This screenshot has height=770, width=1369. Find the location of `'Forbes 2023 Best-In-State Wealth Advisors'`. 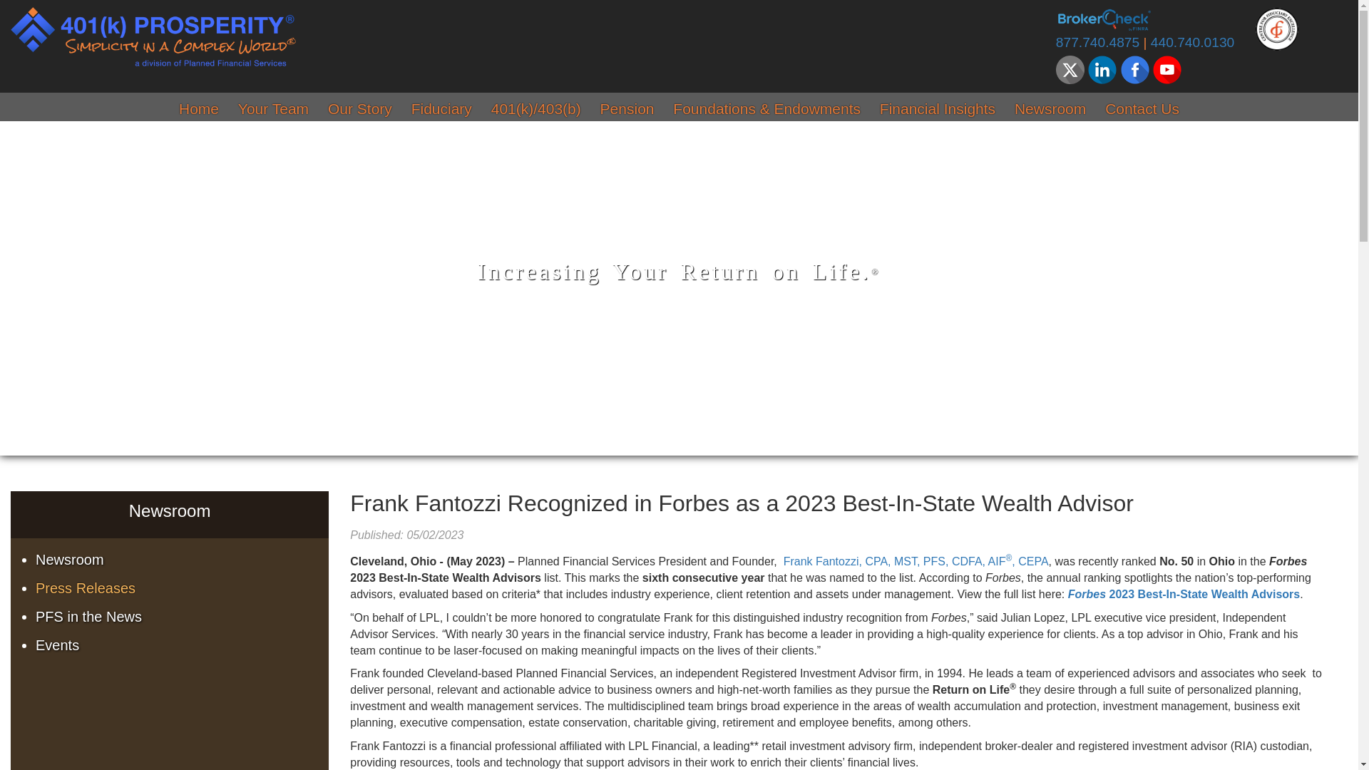

'Forbes 2023 Best-In-State Wealth Advisors' is located at coordinates (1184, 594).